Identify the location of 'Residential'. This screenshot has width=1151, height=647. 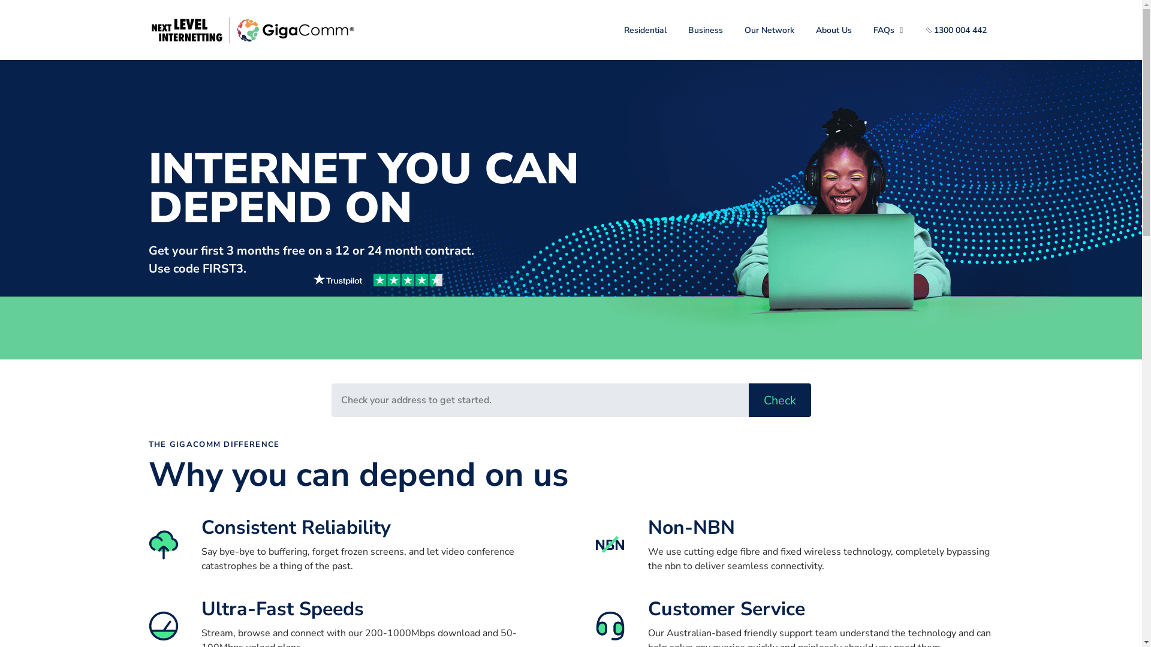
(616, 29).